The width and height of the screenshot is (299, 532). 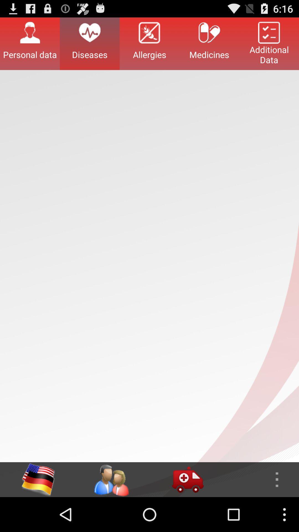 I want to click on the more icon, so click(x=261, y=513).